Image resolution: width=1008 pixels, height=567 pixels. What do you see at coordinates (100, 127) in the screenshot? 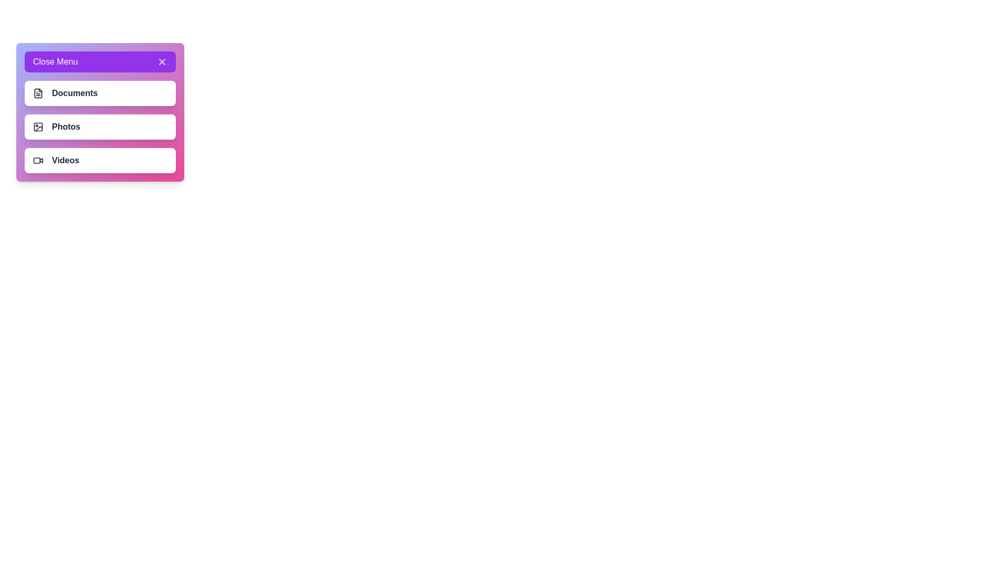
I see `the menu item Photos by clicking on it` at bounding box center [100, 127].